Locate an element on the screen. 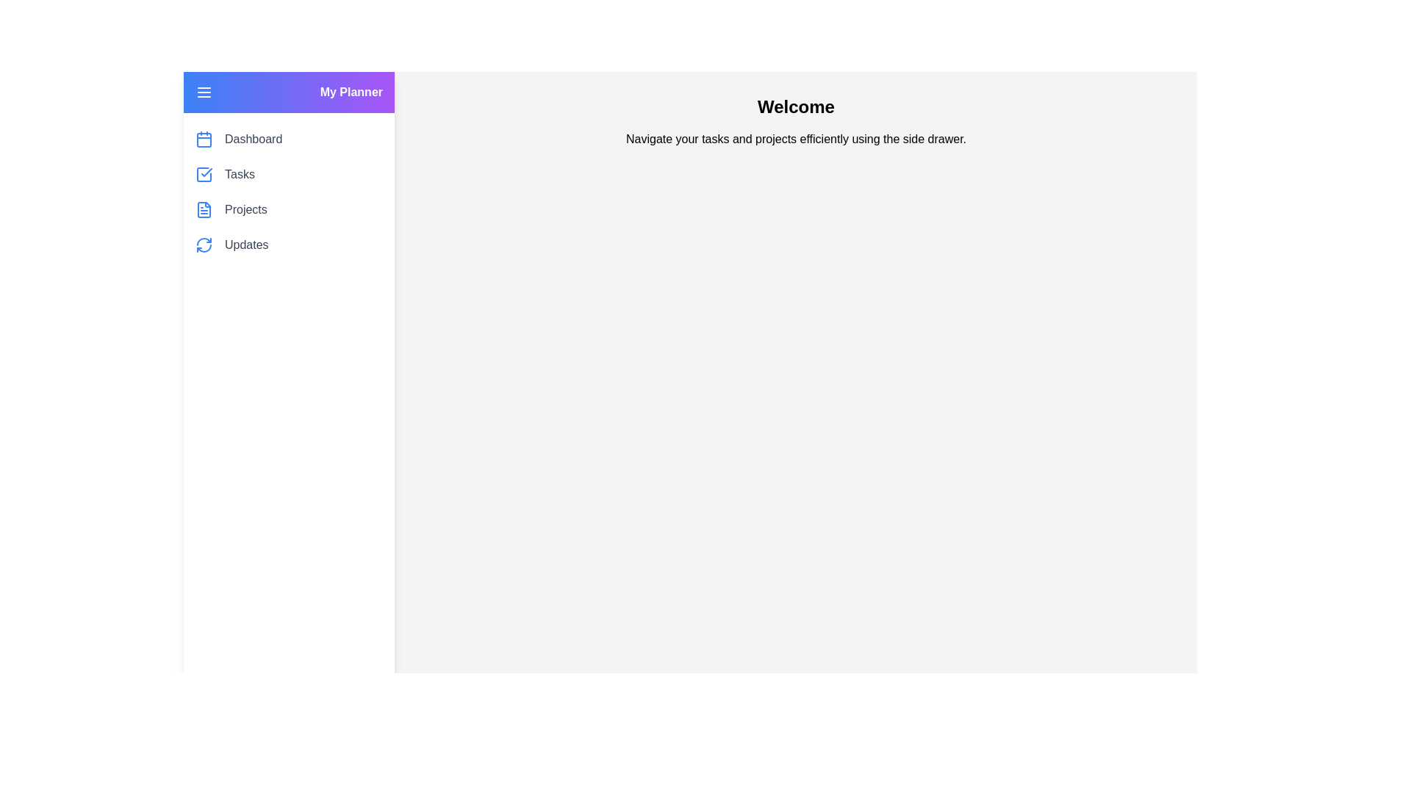 This screenshot has width=1411, height=793. the menu item labeled Dashboard is located at coordinates (254, 139).